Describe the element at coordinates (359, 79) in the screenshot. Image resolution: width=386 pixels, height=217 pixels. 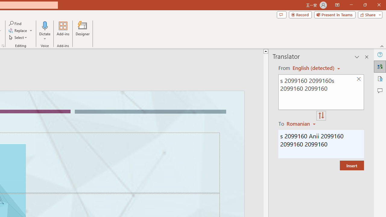
I see `'Clear text'` at that location.